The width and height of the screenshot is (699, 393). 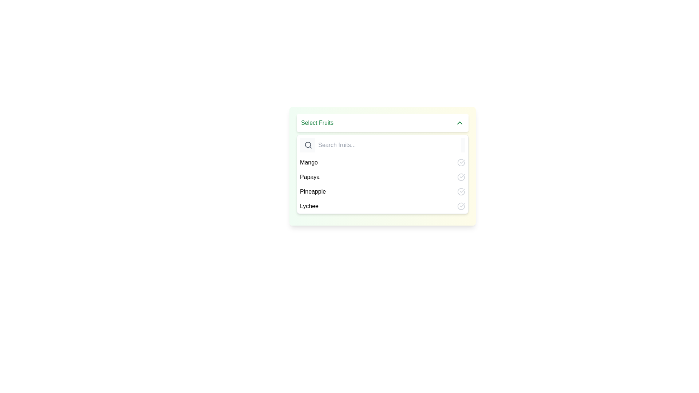 What do you see at coordinates (382, 162) in the screenshot?
I see `the selectable list item displaying 'Mango' in the dropdown menu` at bounding box center [382, 162].